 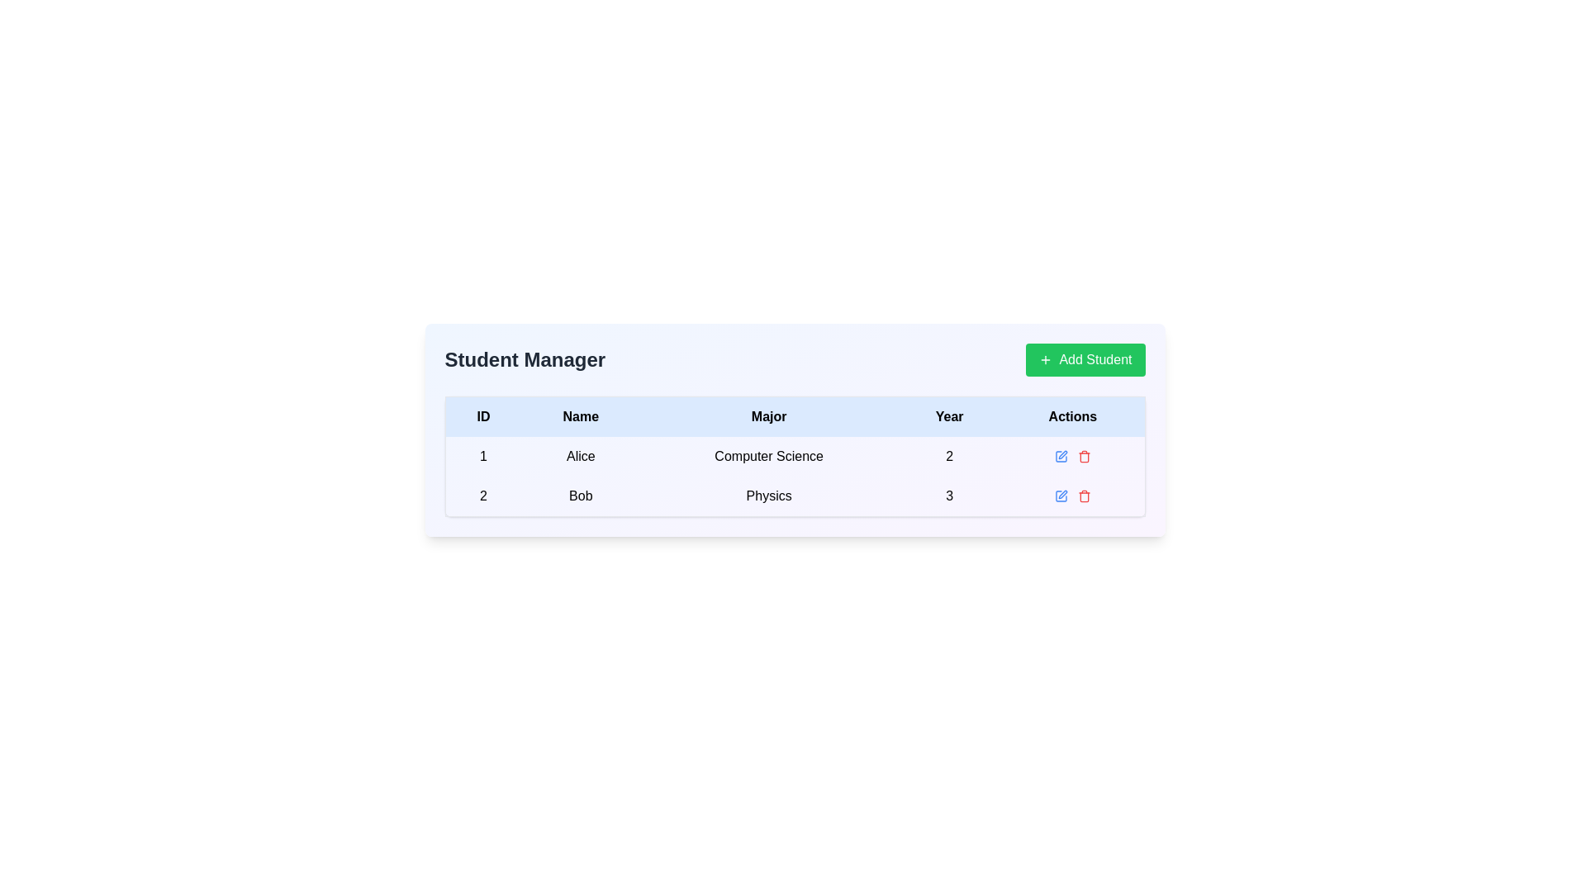 What do you see at coordinates (1085, 358) in the screenshot?
I see `the 'Add Student' button located at the top-right corner of the 'Student Manager' section` at bounding box center [1085, 358].